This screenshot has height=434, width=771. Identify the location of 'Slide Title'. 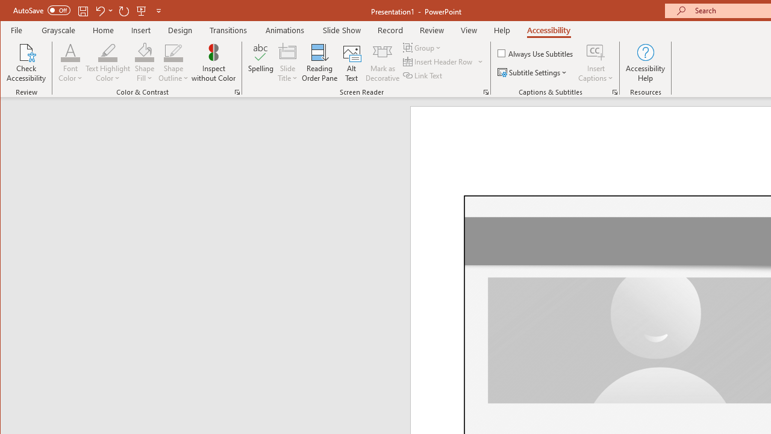
(287, 63).